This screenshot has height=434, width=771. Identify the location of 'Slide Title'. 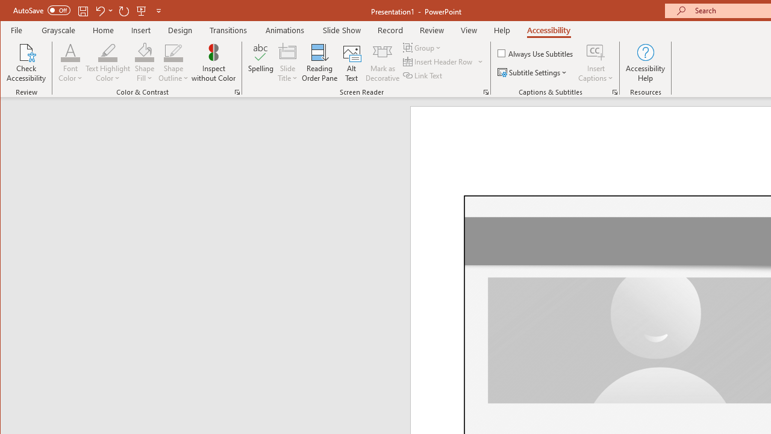
(287, 63).